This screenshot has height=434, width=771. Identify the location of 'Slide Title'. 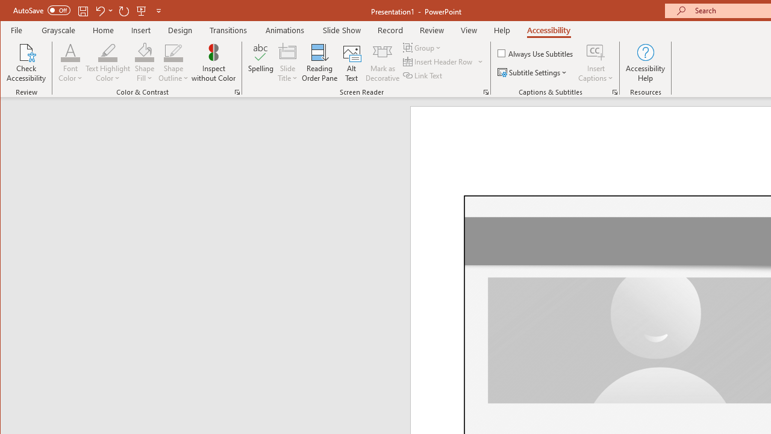
(287, 63).